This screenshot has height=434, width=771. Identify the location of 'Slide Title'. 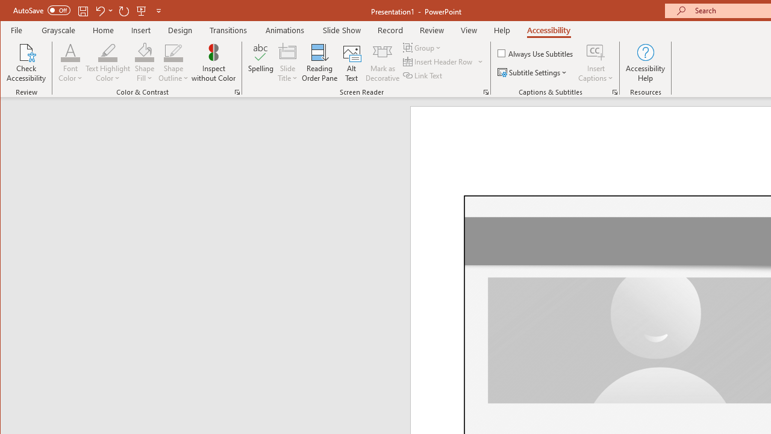
(287, 63).